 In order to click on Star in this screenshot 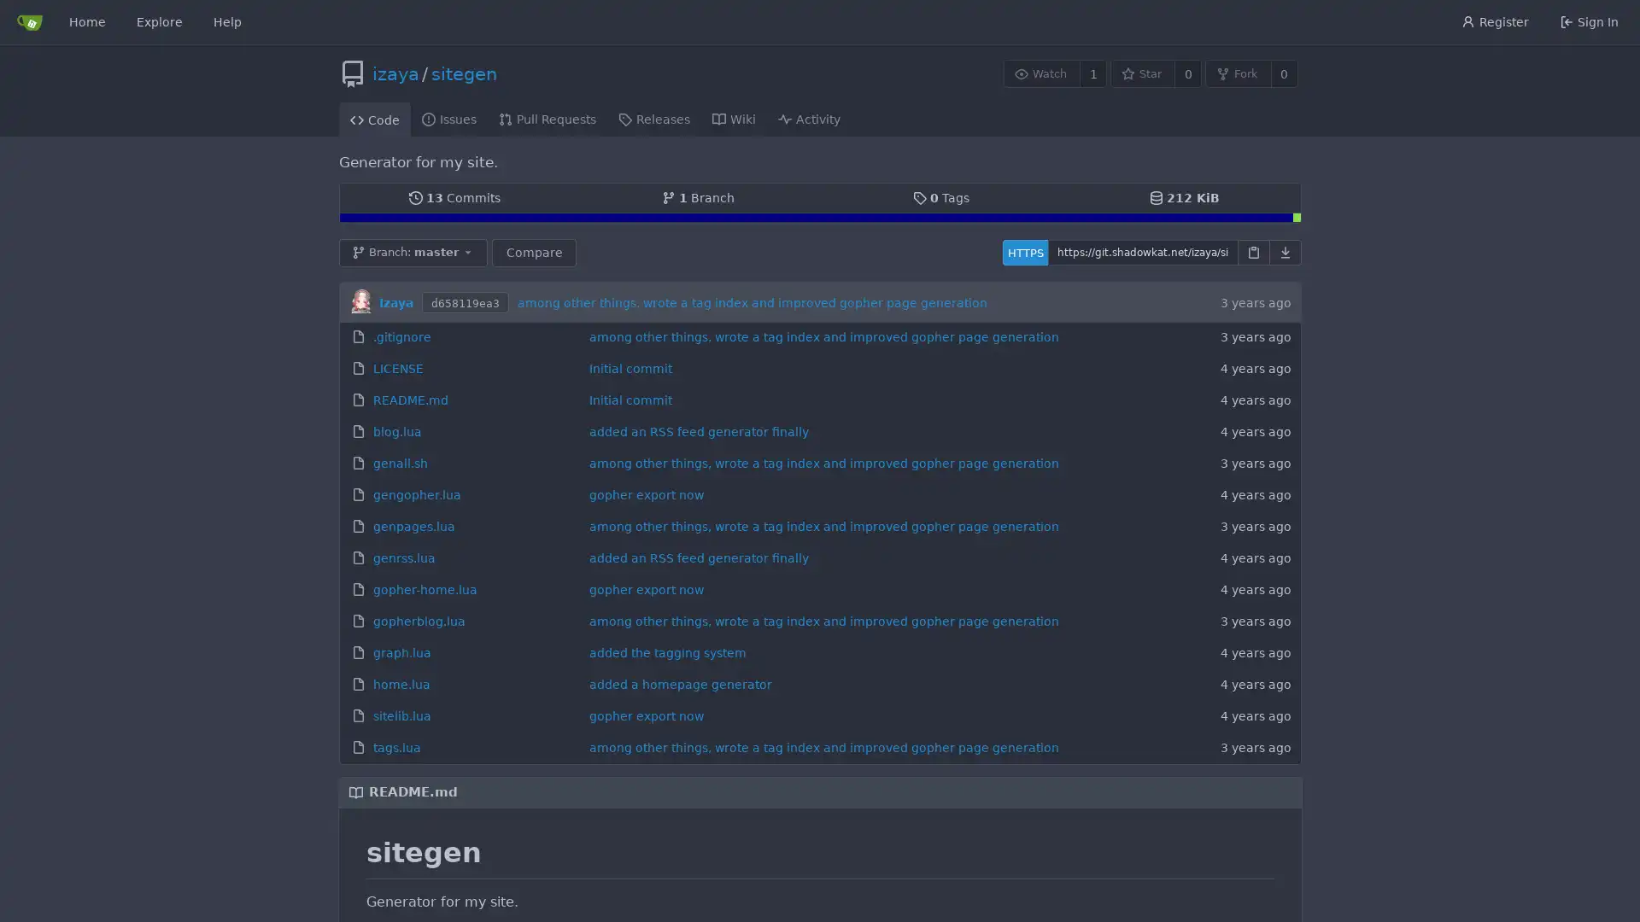, I will do `click(1142, 73)`.